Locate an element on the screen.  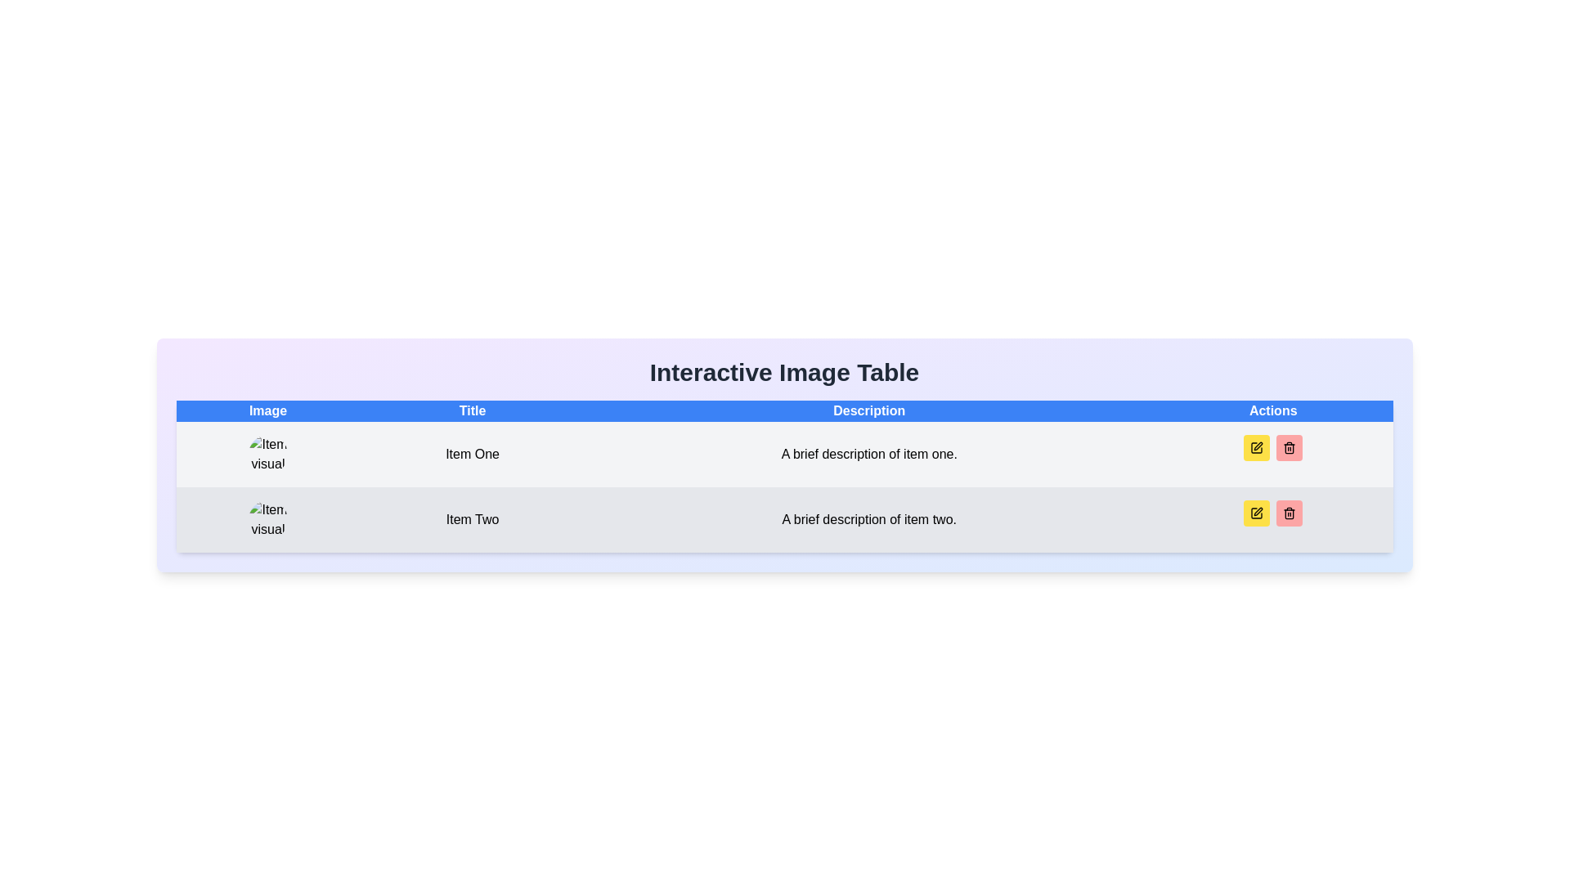
the editing icon located in the second row under the 'Actions' column of the 'Interactive Image Table' is located at coordinates (1258, 446).